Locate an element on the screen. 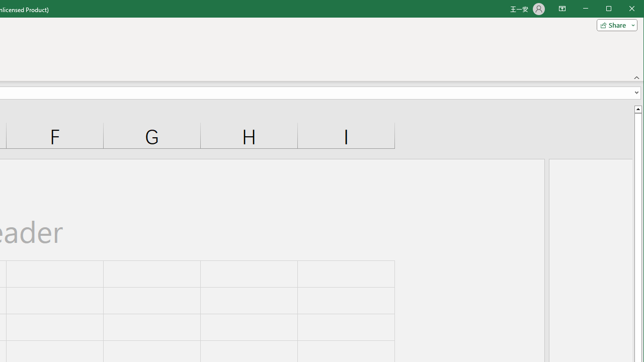 This screenshot has height=362, width=644. 'Maximize' is located at coordinates (623, 10).